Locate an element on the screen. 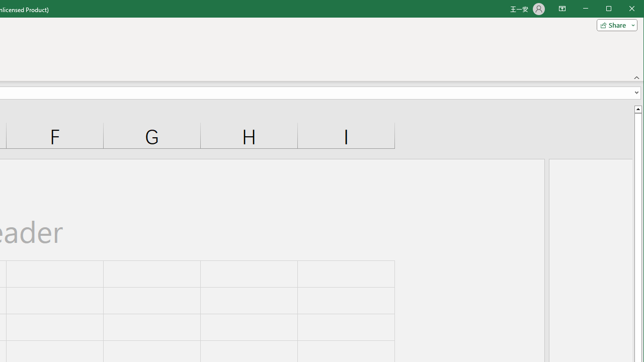 This screenshot has height=362, width=644. 'Maximize' is located at coordinates (623, 10).